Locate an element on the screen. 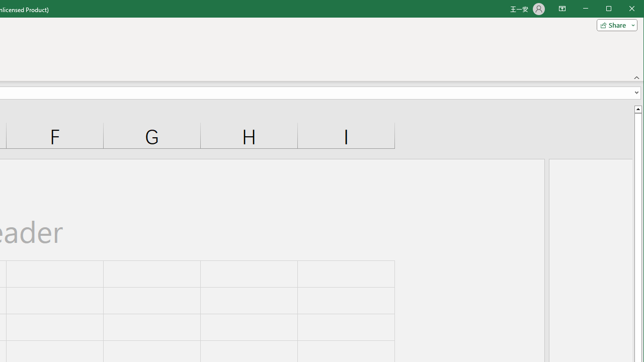 This screenshot has height=362, width=644. 'Maximize' is located at coordinates (623, 10).